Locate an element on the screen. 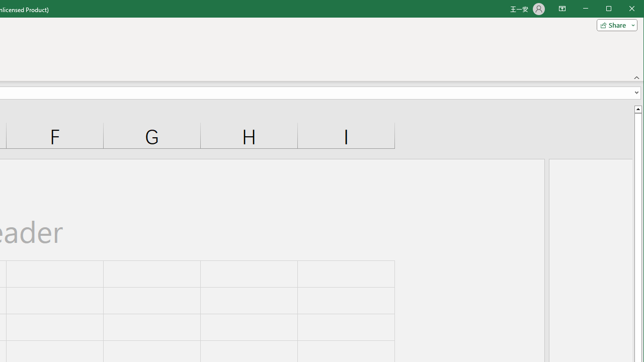 This screenshot has height=362, width=644. 'Maximize' is located at coordinates (623, 10).